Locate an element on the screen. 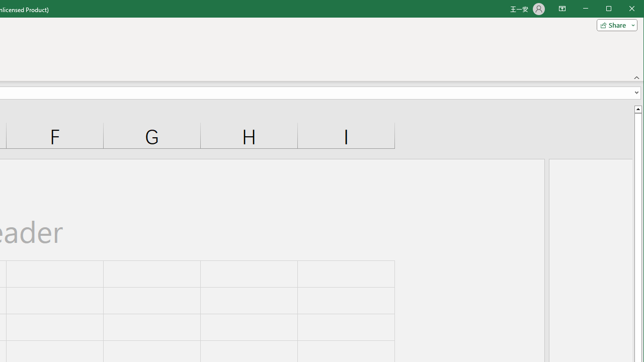 This screenshot has height=362, width=644. 'Maximize' is located at coordinates (623, 10).